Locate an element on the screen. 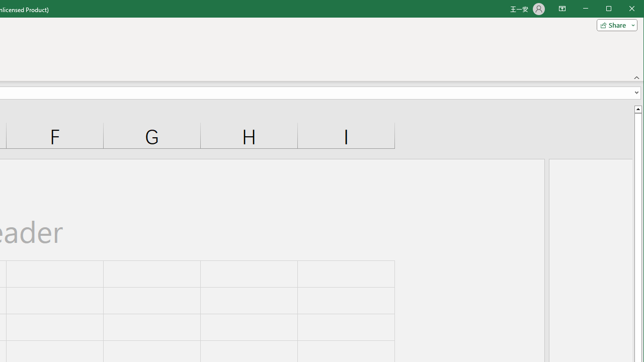 This screenshot has height=362, width=644. 'Maximize' is located at coordinates (623, 10).